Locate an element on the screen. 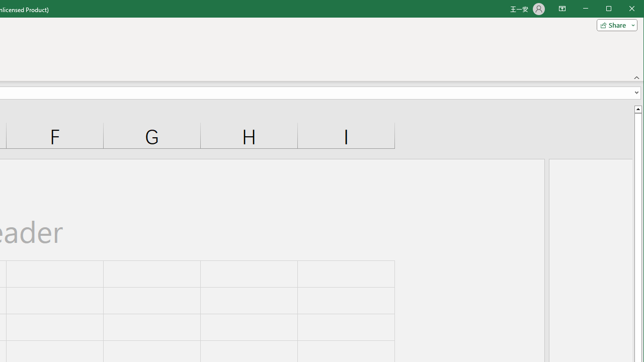 This screenshot has height=362, width=644. 'Maximize' is located at coordinates (623, 10).